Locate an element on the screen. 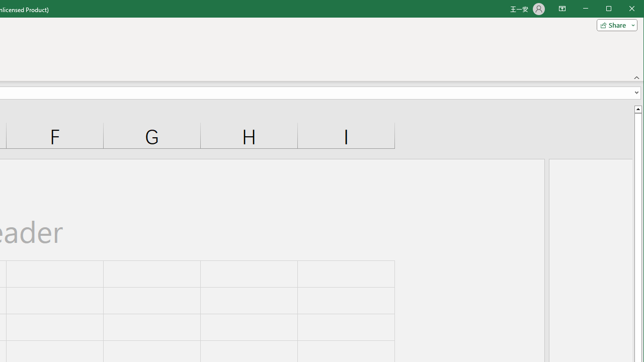 This screenshot has height=362, width=644. 'Maximize' is located at coordinates (623, 10).